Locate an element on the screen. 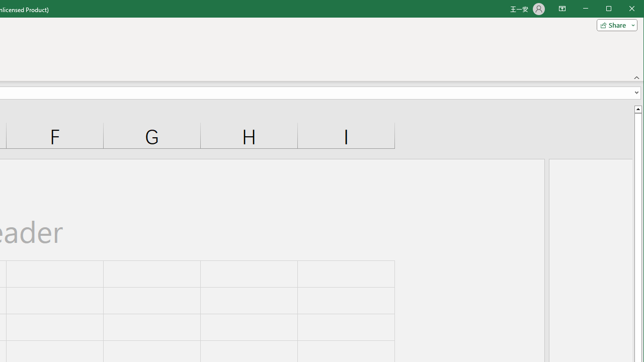 This screenshot has height=362, width=644. 'Maximize' is located at coordinates (623, 10).